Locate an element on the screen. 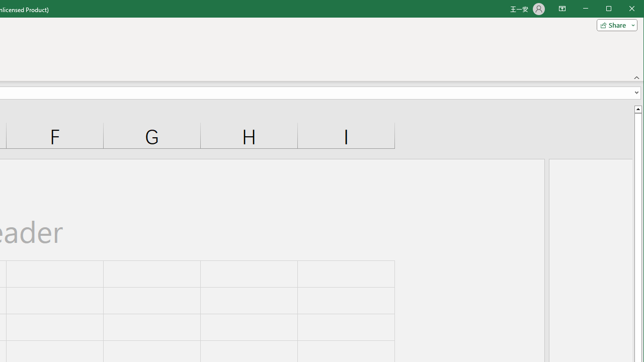 This screenshot has height=362, width=644. 'Maximize' is located at coordinates (623, 10).